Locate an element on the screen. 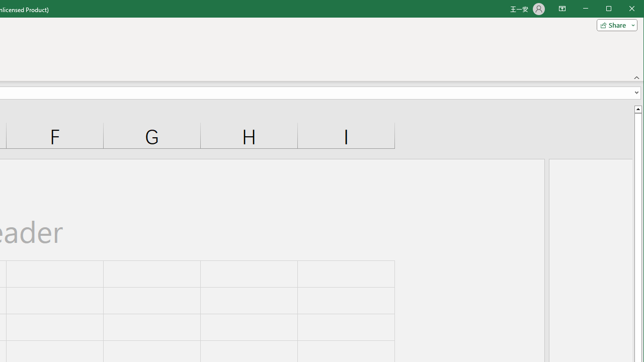 This screenshot has height=362, width=644. 'Maximize' is located at coordinates (623, 10).